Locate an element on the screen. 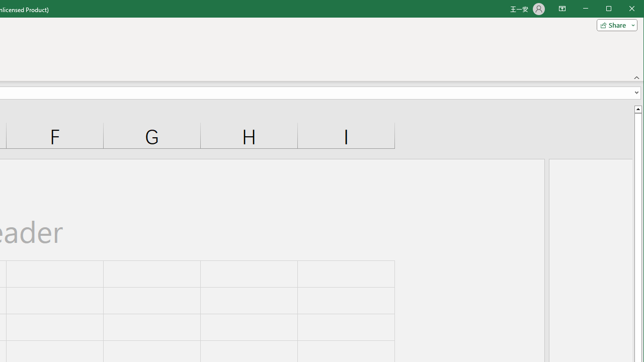 This screenshot has height=362, width=644. 'Maximize' is located at coordinates (623, 10).